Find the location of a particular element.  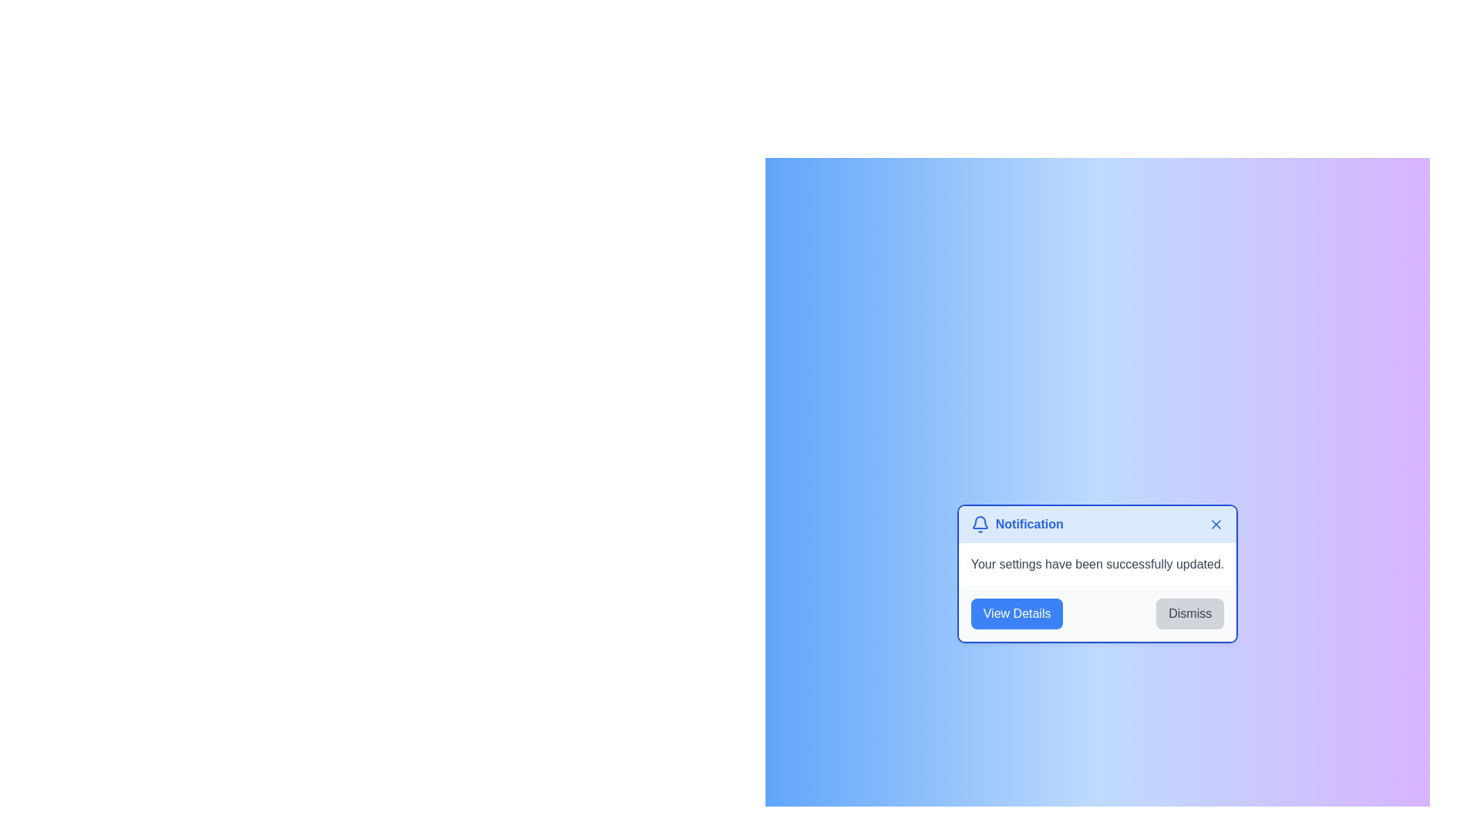

the 'Notification' text label, which is styled in bold blue font and positioned next to the notification bell icon, if it is interactive is located at coordinates (1028, 524).